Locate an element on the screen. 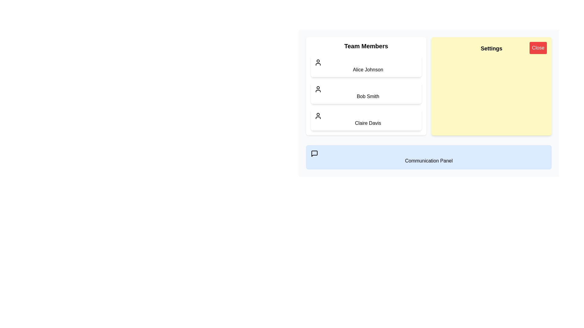 Image resolution: width=584 pixels, height=328 pixels. the text label reading 'Bob Smith' is located at coordinates (367, 96).